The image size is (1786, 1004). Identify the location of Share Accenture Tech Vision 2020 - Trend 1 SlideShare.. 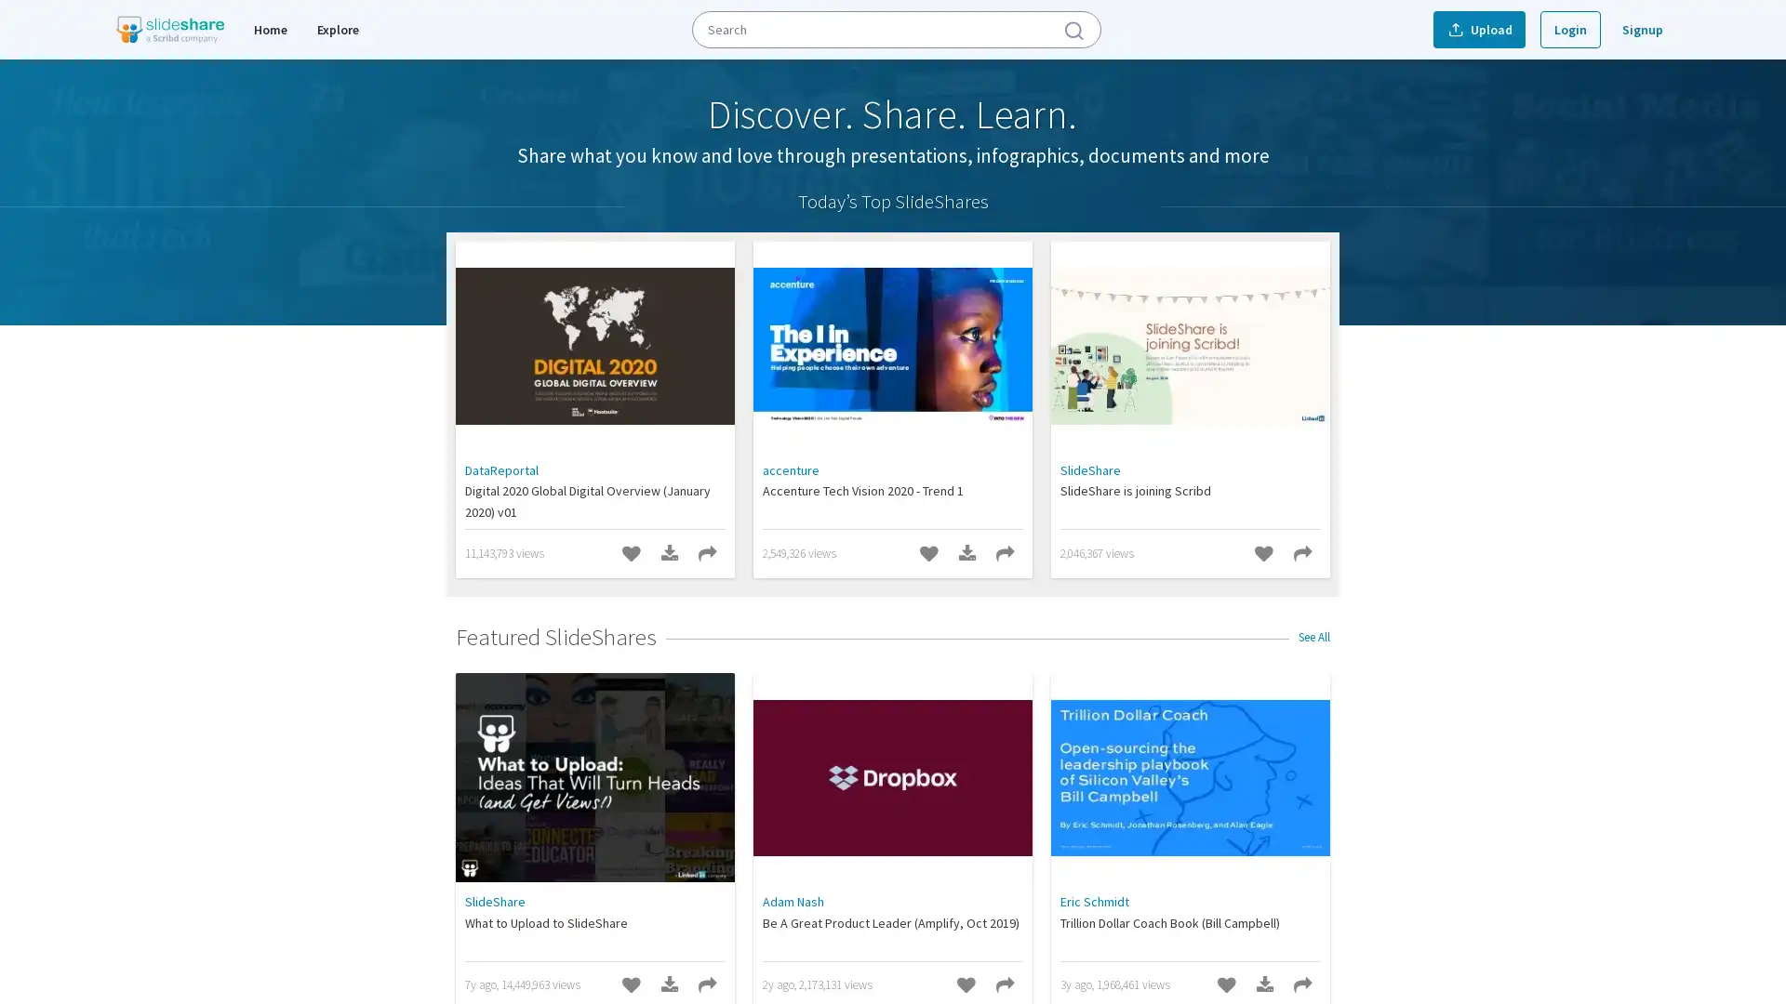
(1004, 551).